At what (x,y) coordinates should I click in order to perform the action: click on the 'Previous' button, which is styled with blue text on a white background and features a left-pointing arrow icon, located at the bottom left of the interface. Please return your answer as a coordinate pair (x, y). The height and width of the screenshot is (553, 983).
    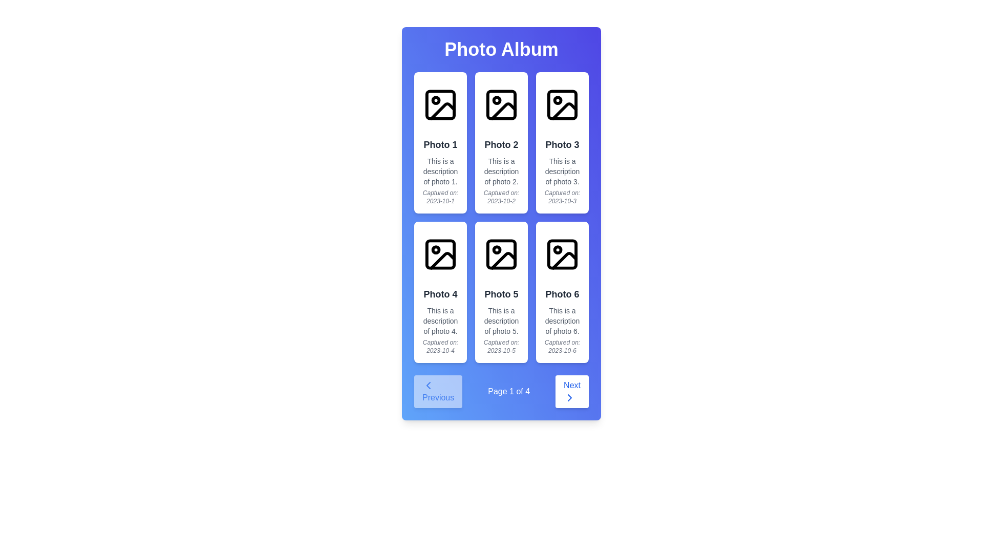
    Looking at the image, I should click on (438, 391).